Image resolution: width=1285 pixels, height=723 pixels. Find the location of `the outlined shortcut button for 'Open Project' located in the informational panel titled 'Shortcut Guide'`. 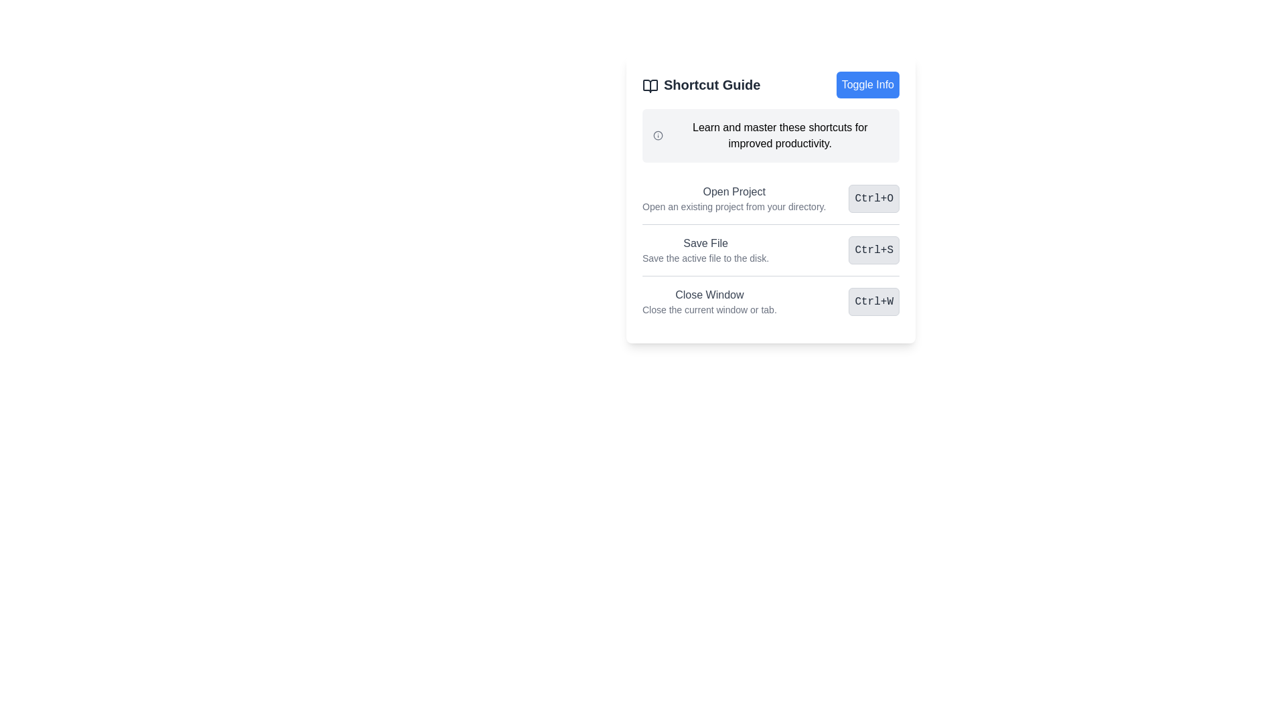

the outlined shortcut button for 'Open Project' located in the informational panel titled 'Shortcut Guide' is located at coordinates (771, 199).